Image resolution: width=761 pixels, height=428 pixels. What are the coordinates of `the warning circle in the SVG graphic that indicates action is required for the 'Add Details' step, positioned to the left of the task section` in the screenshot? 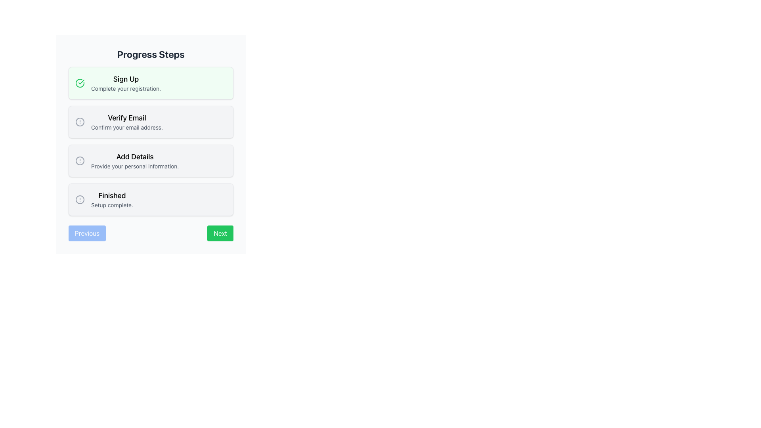 It's located at (80, 160).